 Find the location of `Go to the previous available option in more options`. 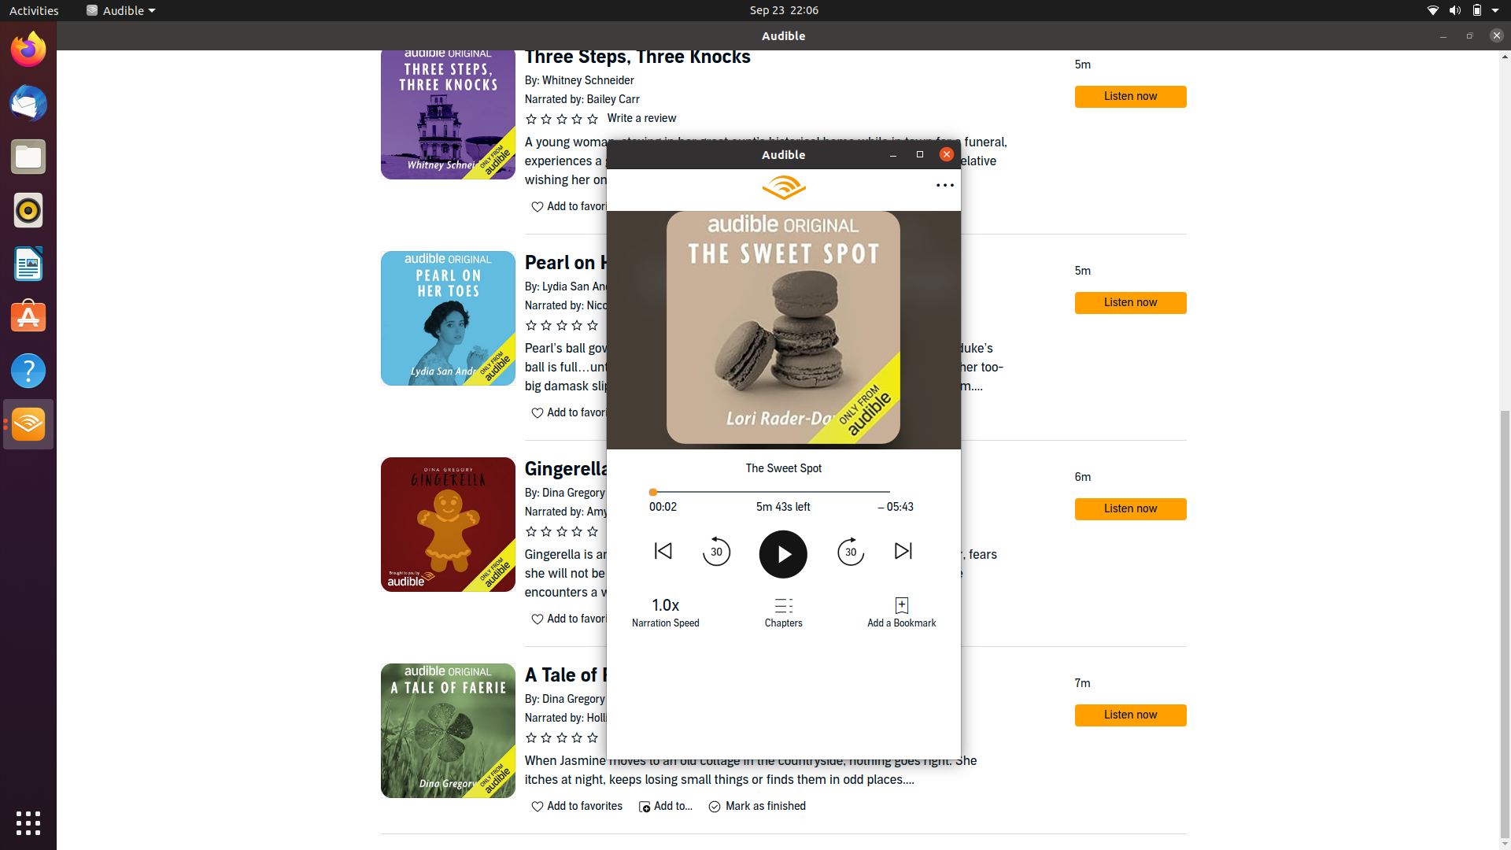

Go to the previous available option in more options is located at coordinates (944, 185).